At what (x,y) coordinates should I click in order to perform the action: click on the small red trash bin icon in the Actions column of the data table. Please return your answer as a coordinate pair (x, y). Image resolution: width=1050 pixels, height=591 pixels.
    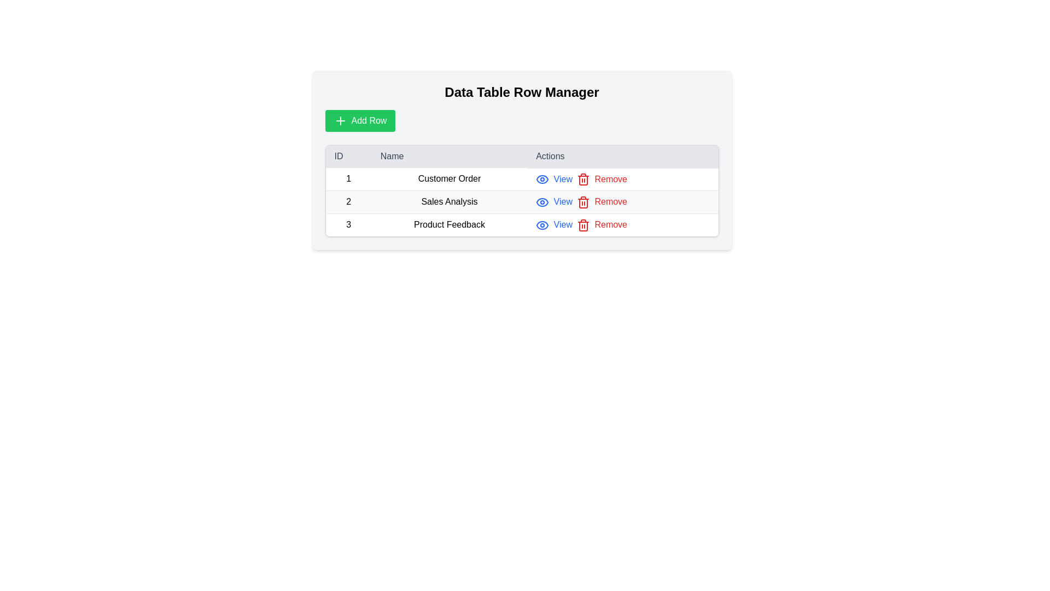
    Looking at the image, I should click on (582, 202).